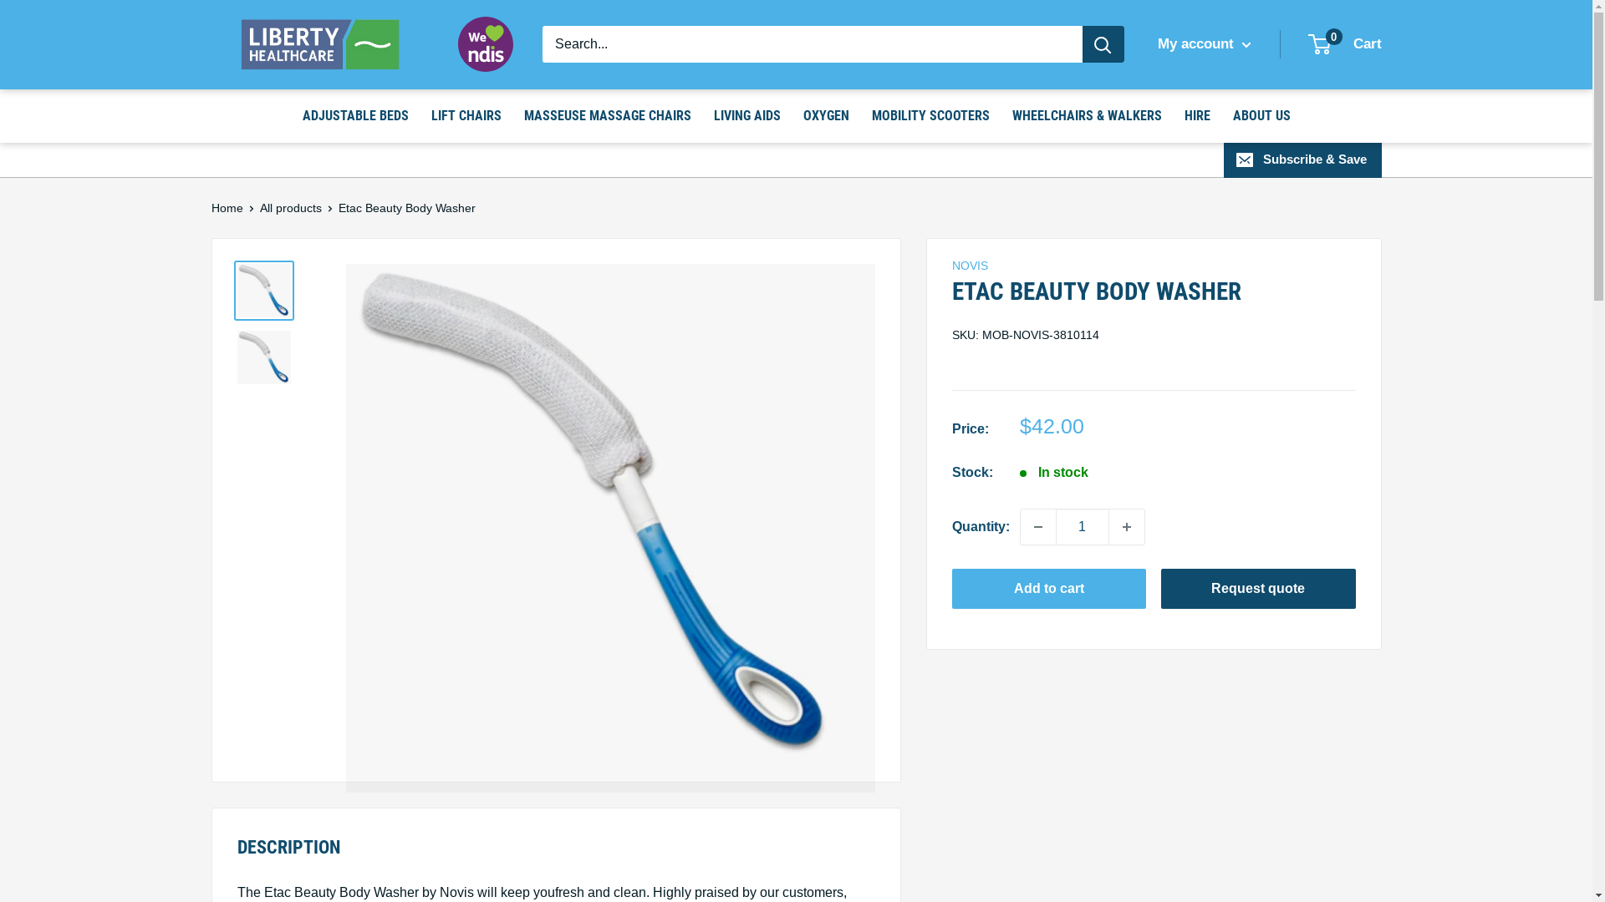  I want to click on 'Request quote', so click(1159, 588).